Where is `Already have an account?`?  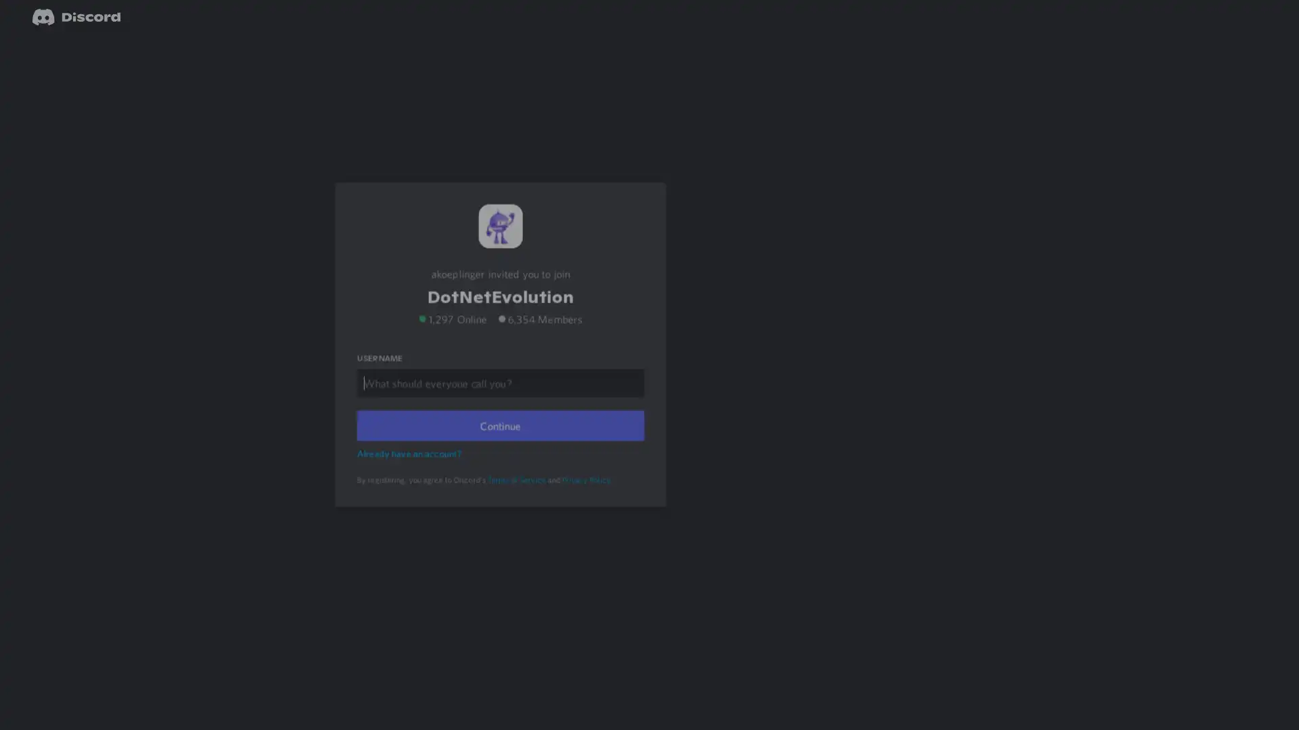 Already have an account? is located at coordinates (411, 470).